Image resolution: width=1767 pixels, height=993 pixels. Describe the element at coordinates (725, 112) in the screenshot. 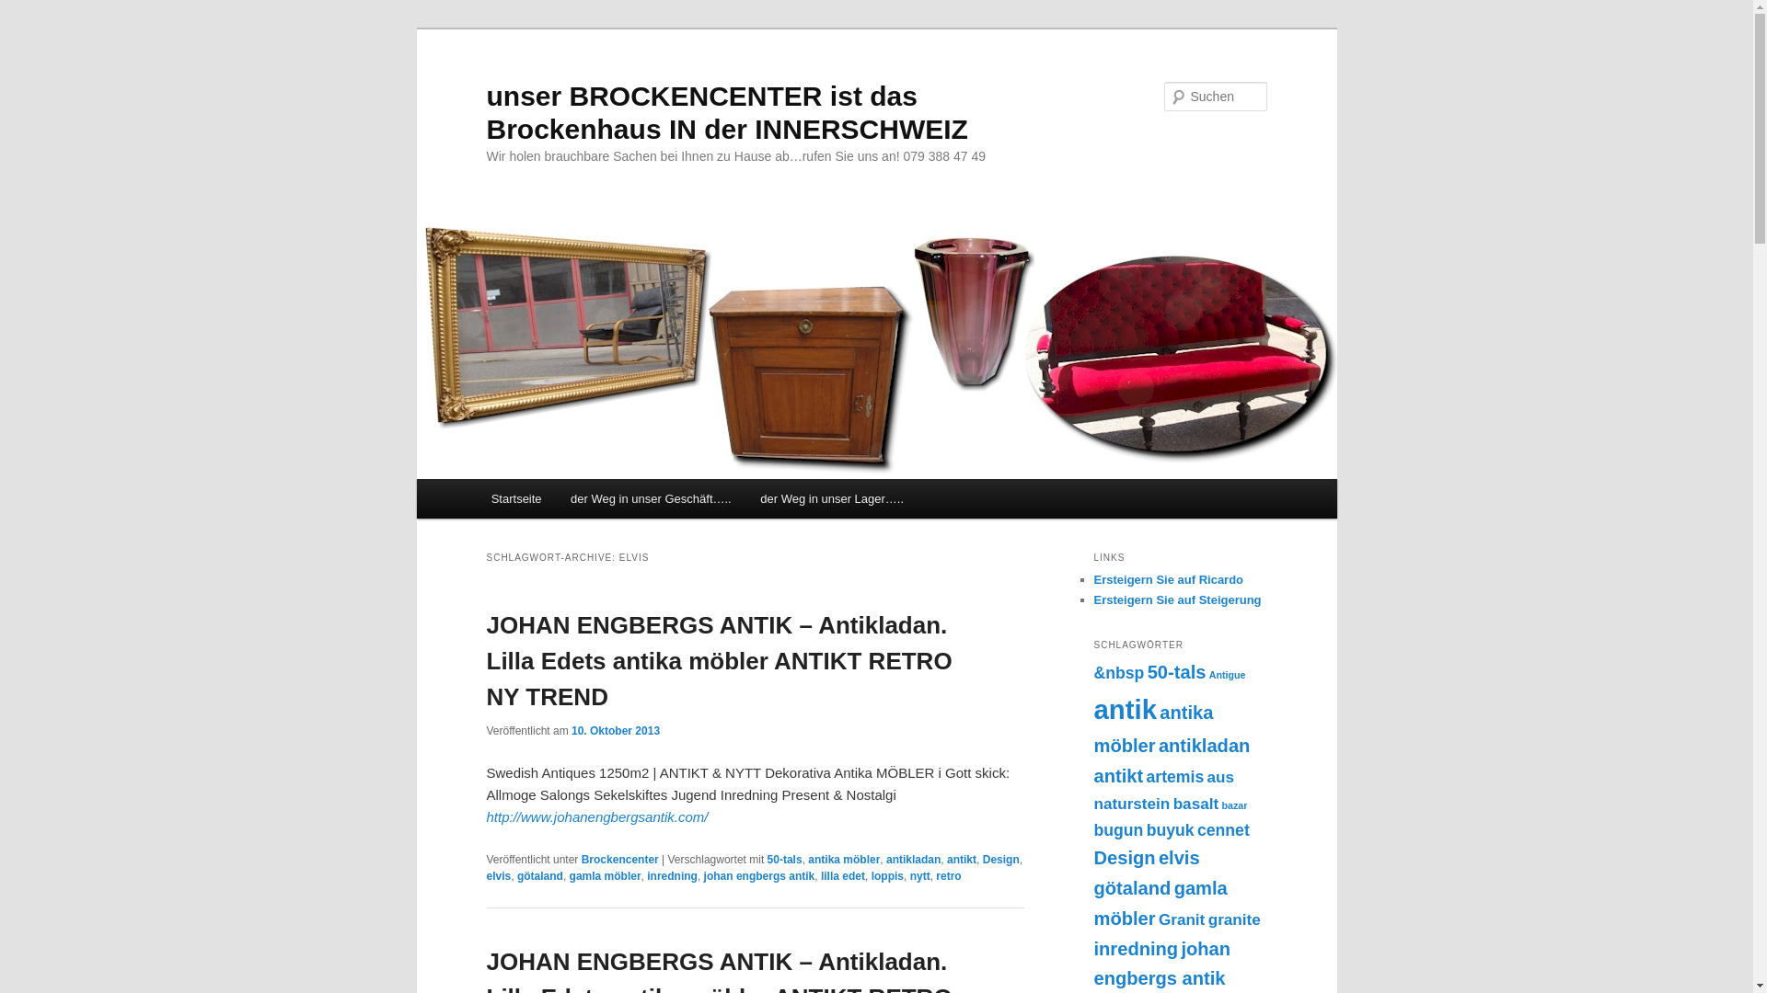

I see `'unser BROCKENCENTER ist das Brockenhaus IN der INNERSCHWEIZ'` at that location.